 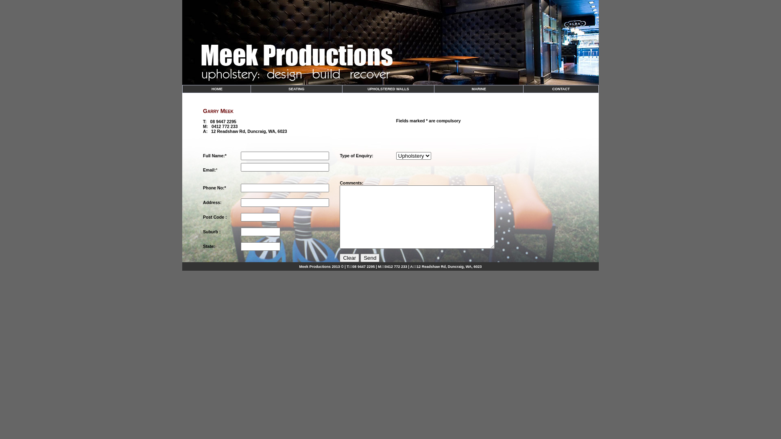 I want to click on 'SEATING', so click(x=296, y=89).